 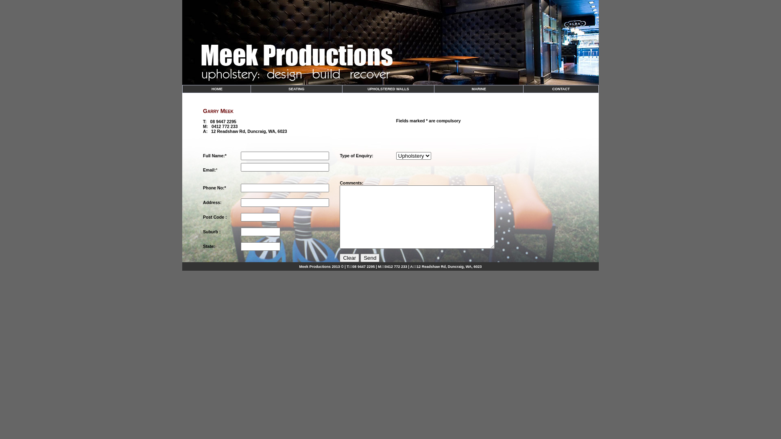 I want to click on 'SEATING', so click(x=296, y=89).